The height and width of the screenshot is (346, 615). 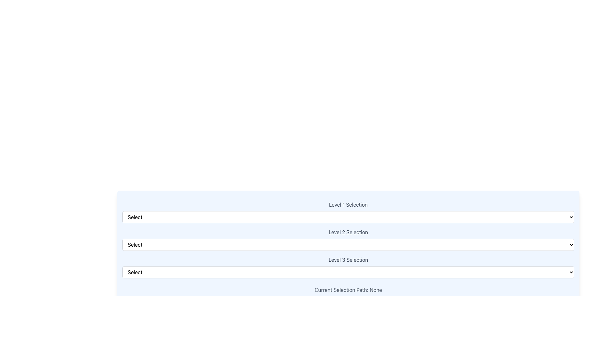 What do you see at coordinates (348, 267) in the screenshot?
I see `the 'Level 3 Selection' dropdown menu` at bounding box center [348, 267].